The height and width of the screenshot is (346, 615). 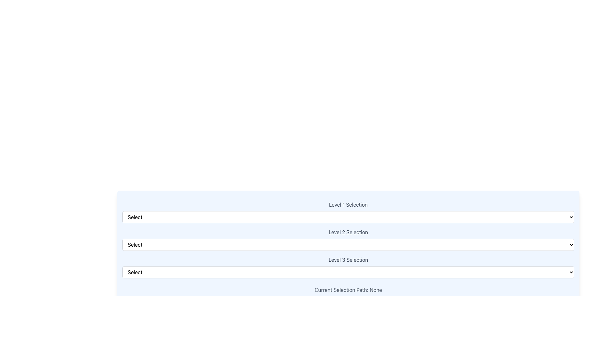 What do you see at coordinates (348, 267) in the screenshot?
I see `the 'Level 3 Selection' dropdown menu` at bounding box center [348, 267].